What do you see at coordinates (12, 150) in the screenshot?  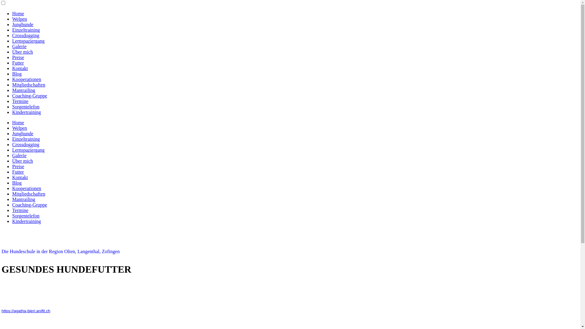 I see `'Lernspaziergang'` at bounding box center [12, 150].